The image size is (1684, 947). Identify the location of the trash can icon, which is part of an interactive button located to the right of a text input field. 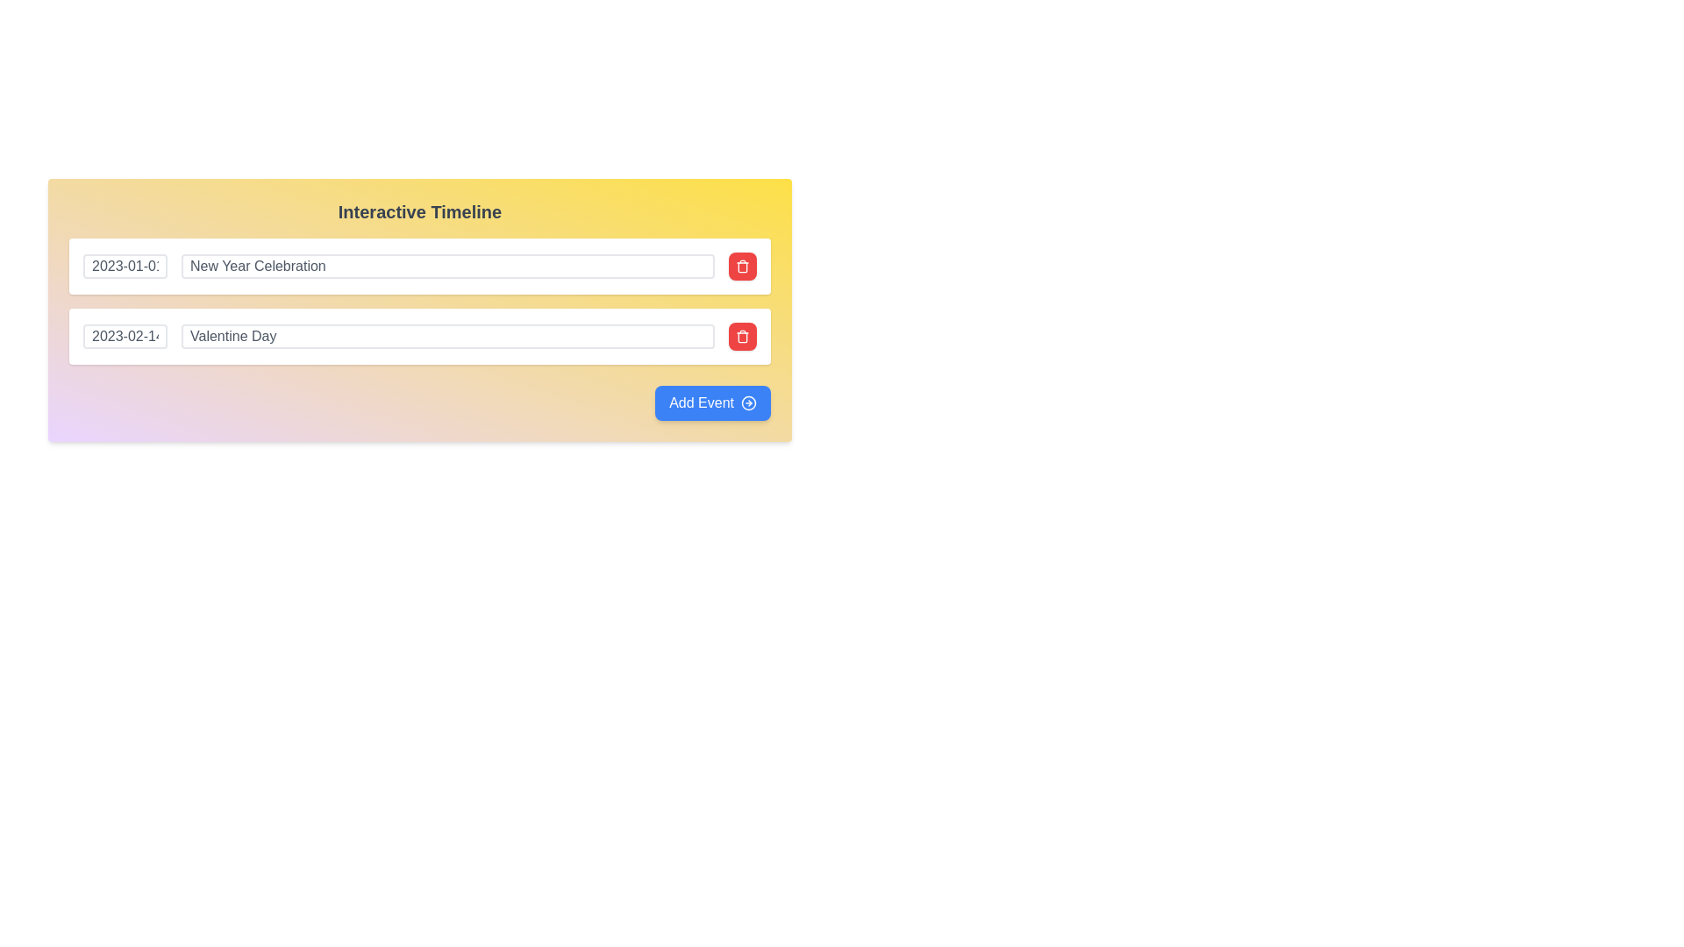
(742, 267).